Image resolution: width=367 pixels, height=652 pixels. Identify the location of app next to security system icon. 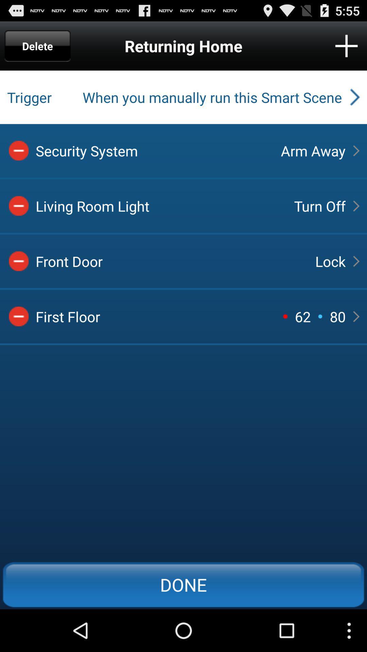
(313, 150).